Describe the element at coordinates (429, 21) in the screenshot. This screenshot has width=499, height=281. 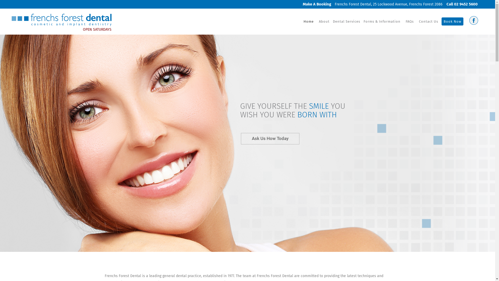
I see `'Contact Us'` at that location.